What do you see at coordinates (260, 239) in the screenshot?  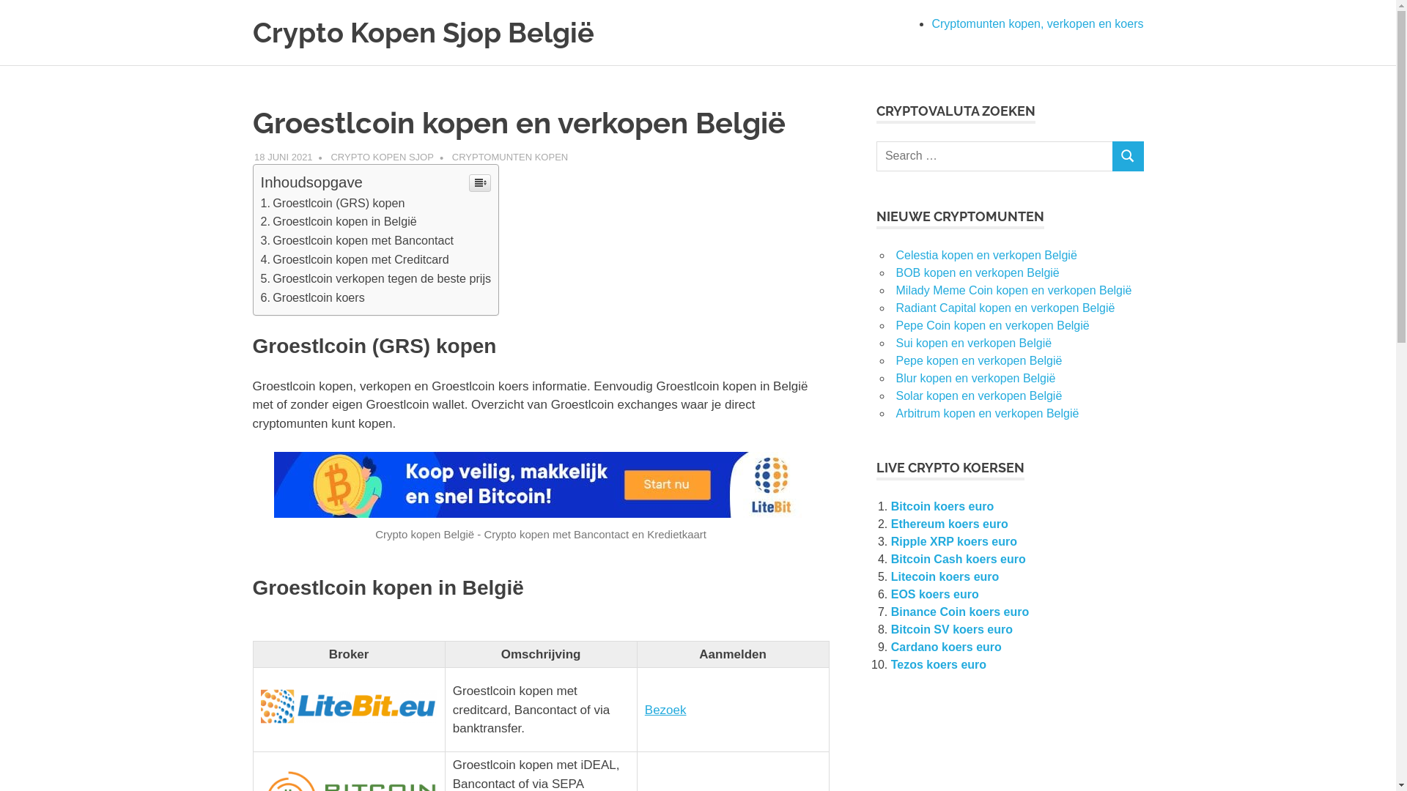 I see `'Groestlcoin kopen met Bancontact'` at bounding box center [260, 239].